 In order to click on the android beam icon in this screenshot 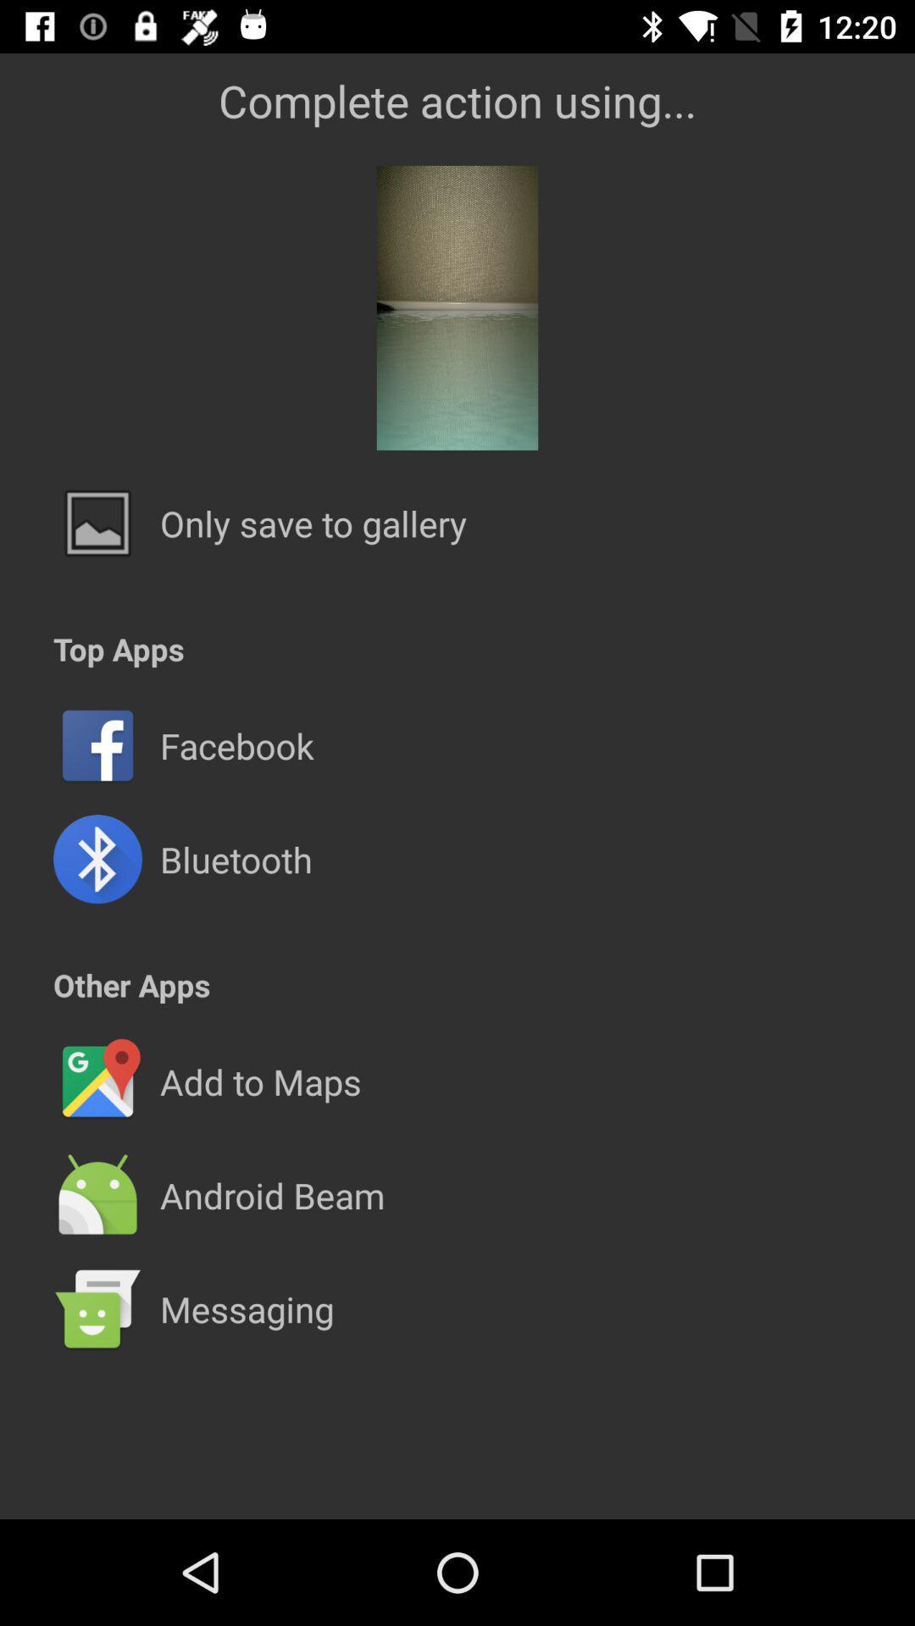, I will do `click(271, 1194)`.